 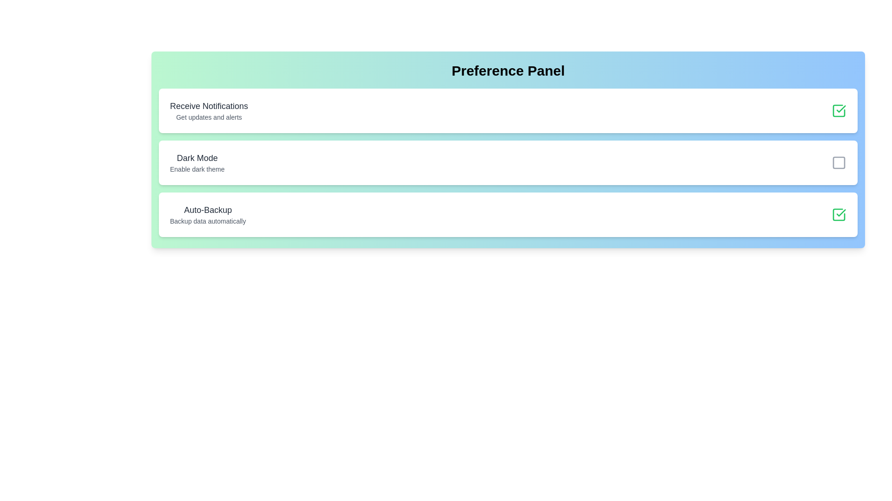 I want to click on the text label that serves as a title for the preference setting in the 'Preference Panel', positioned above the 'Enable dark theme' text, so click(x=197, y=157).